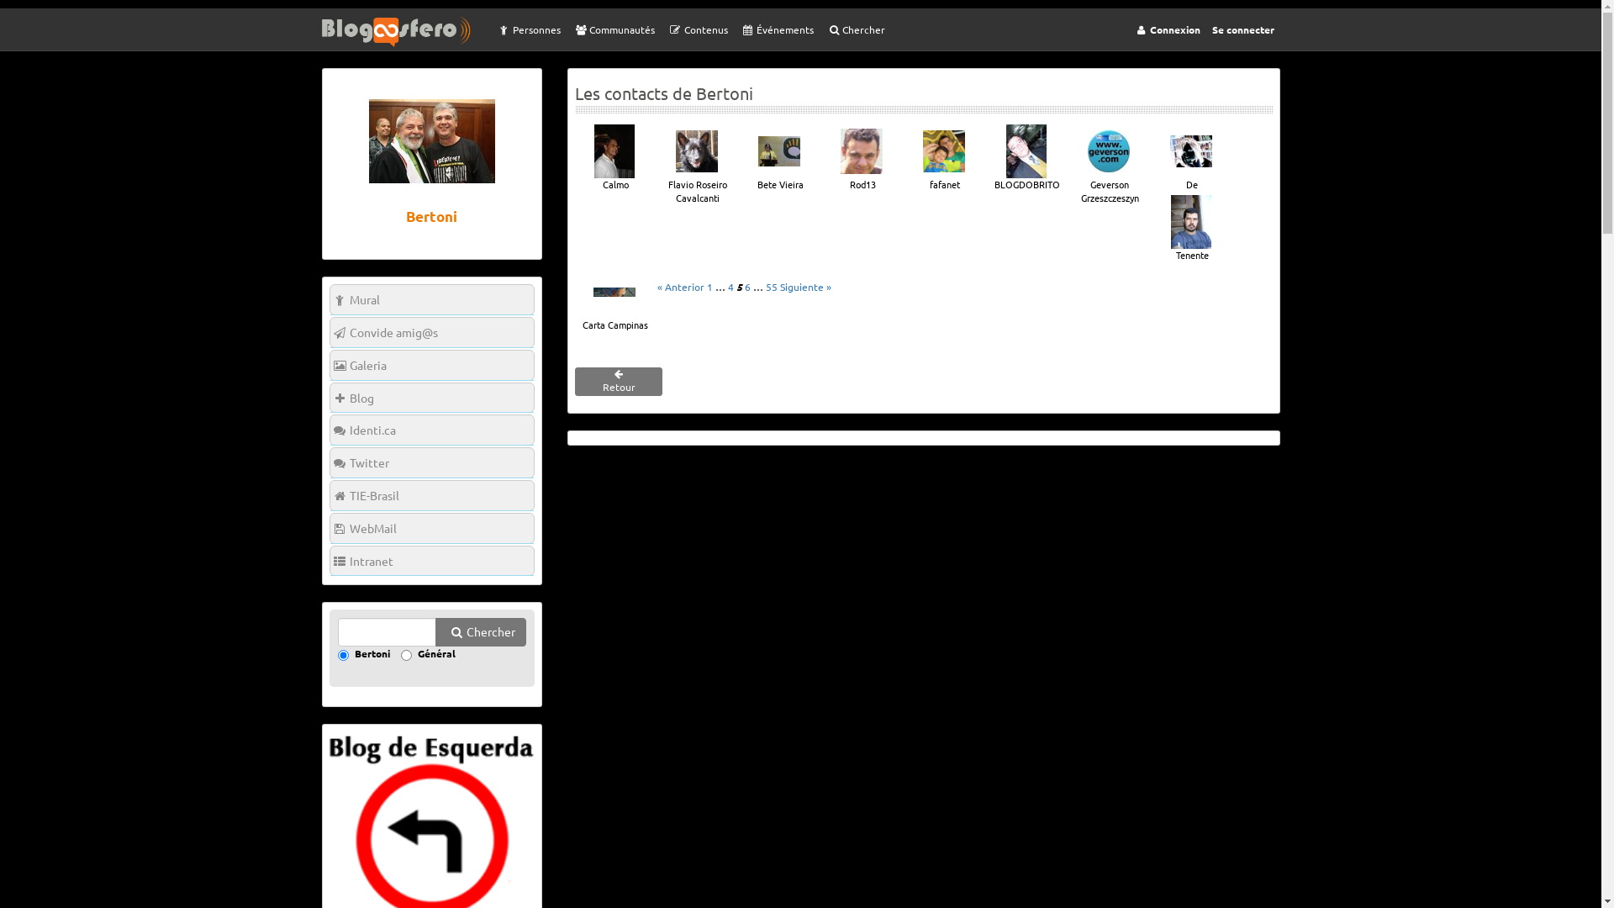 The height and width of the screenshot is (908, 1614). What do you see at coordinates (1109, 164) in the screenshot?
I see `'Geverson Grzeszczeszyn'` at bounding box center [1109, 164].